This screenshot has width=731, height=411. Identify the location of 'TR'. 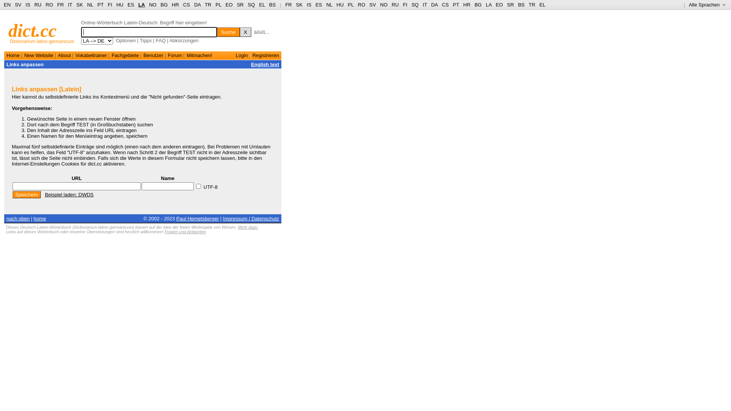
(208, 5).